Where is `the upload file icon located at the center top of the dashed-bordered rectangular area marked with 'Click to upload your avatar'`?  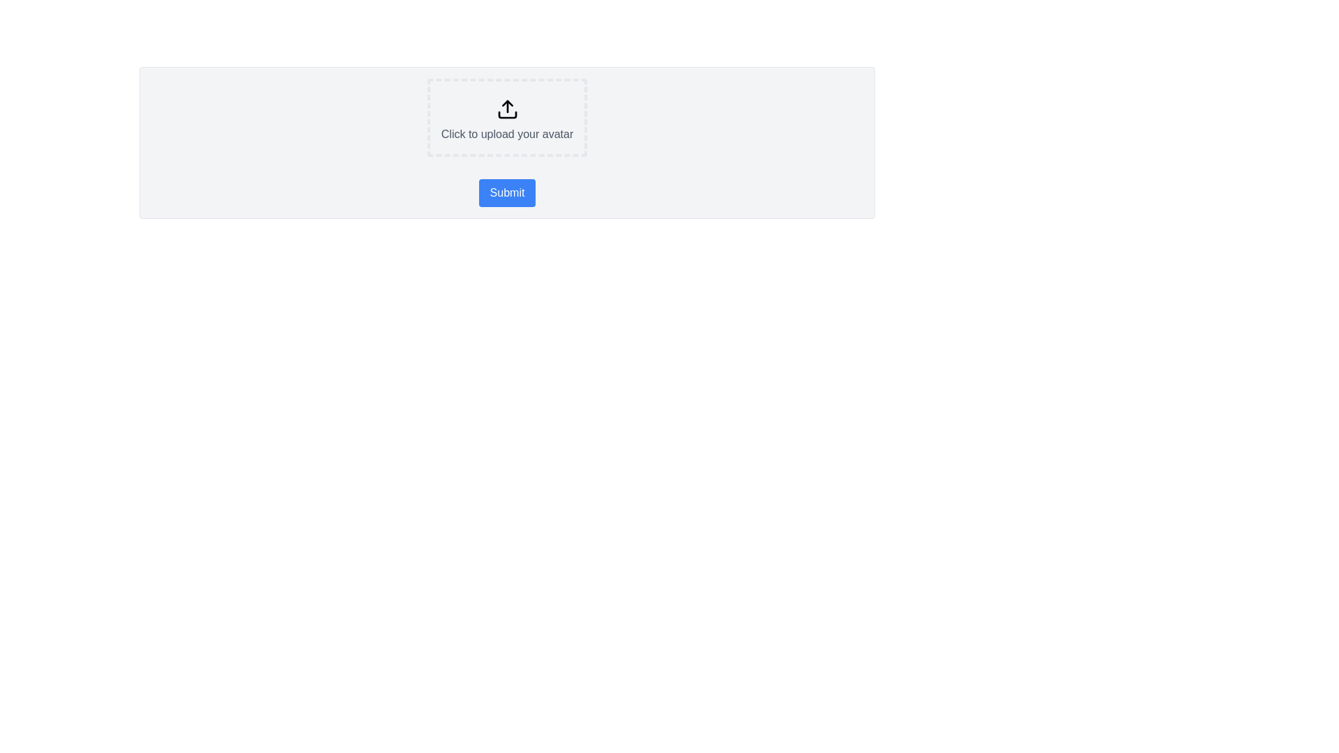
the upload file icon located at the center top of the dashed-bordered rectangular area marked with 'Click to upload your avatar' is located at coordinates (506, 109).